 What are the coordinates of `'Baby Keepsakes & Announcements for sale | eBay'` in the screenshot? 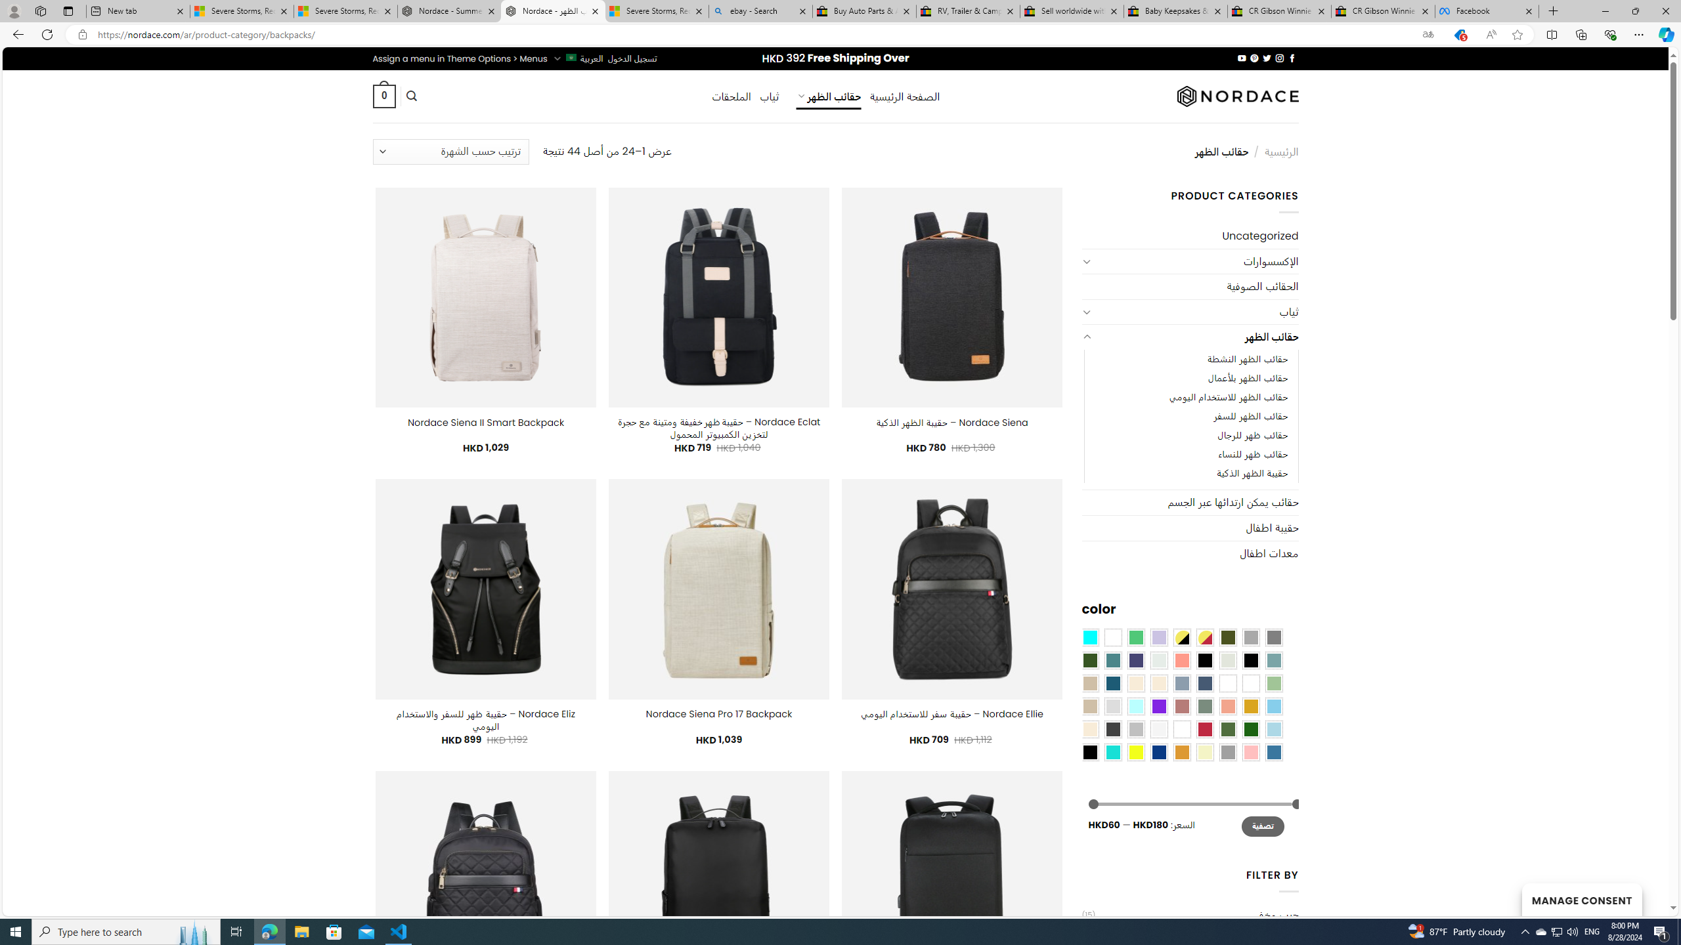 It's located at (1175, 10).